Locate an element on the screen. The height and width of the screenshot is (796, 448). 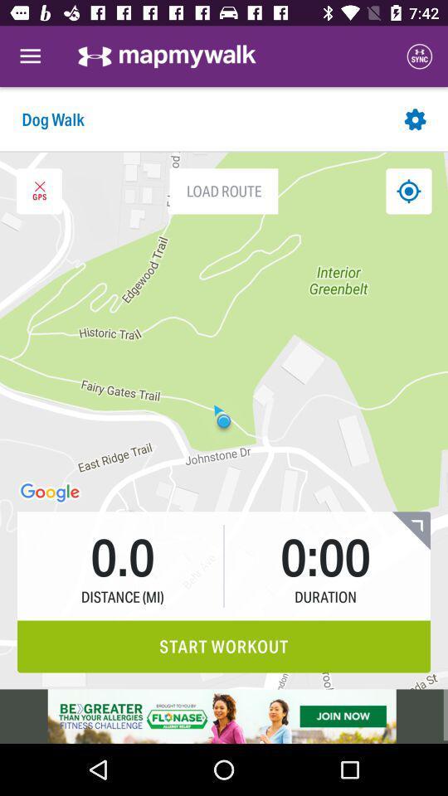
time is located at coordinates (410, 530).